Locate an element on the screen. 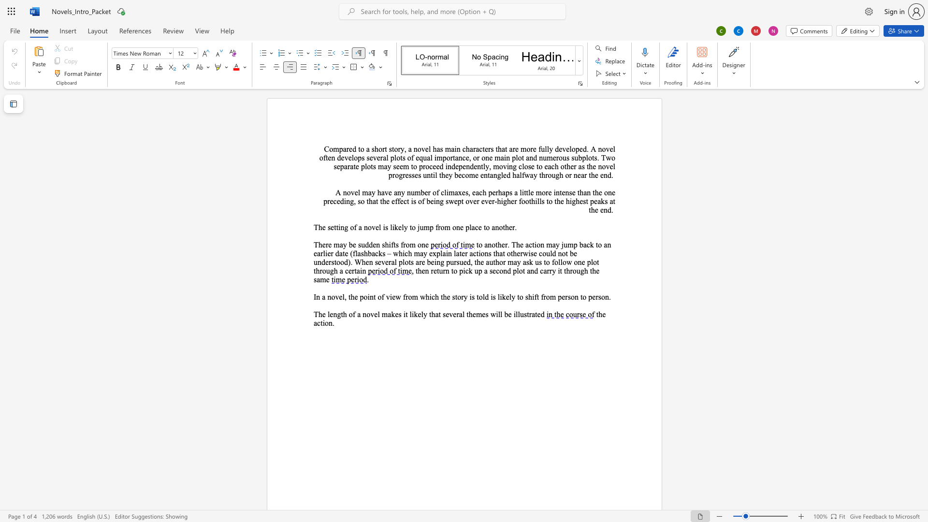 This screenshot has height=522, width=928. the 2th character "d" in the text is located at coordinates (472, 166).